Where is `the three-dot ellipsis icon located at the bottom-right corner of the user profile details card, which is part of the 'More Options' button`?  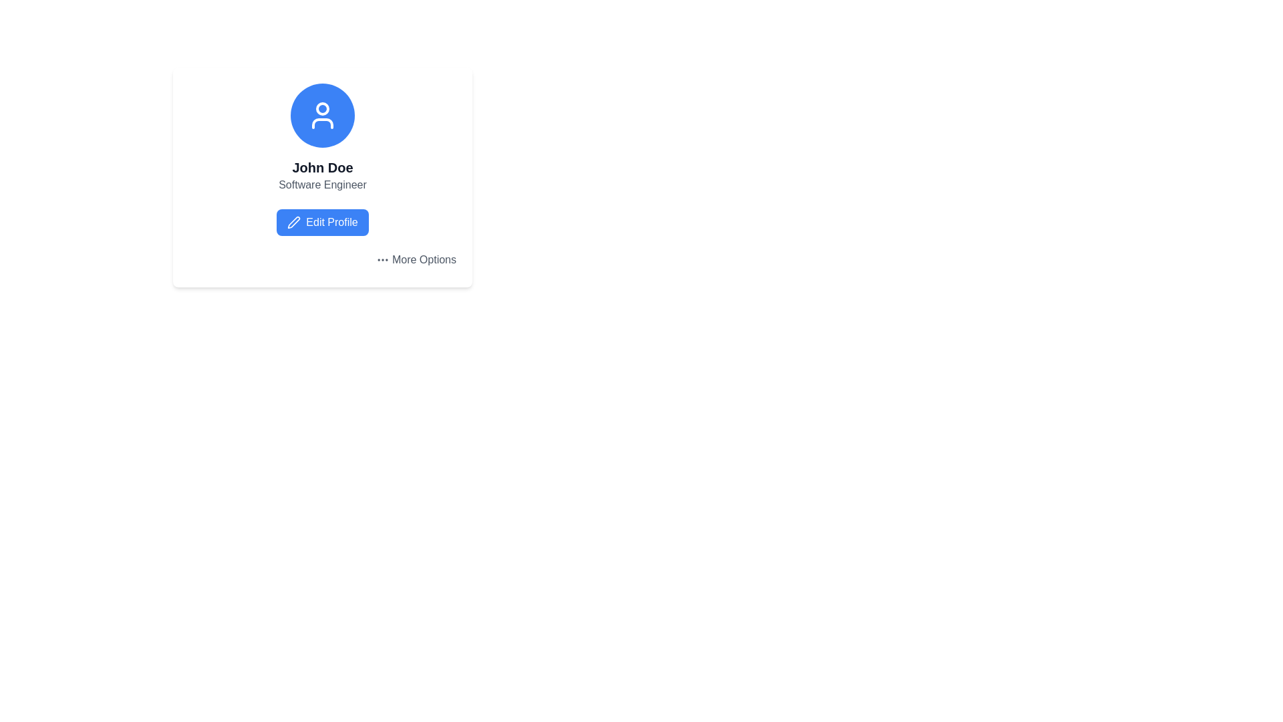
the three-dot ellipsis icon located at the bottom-right corner of the user profile details card, which is part of the 'More Options' button is located at coordinates (382, 260).